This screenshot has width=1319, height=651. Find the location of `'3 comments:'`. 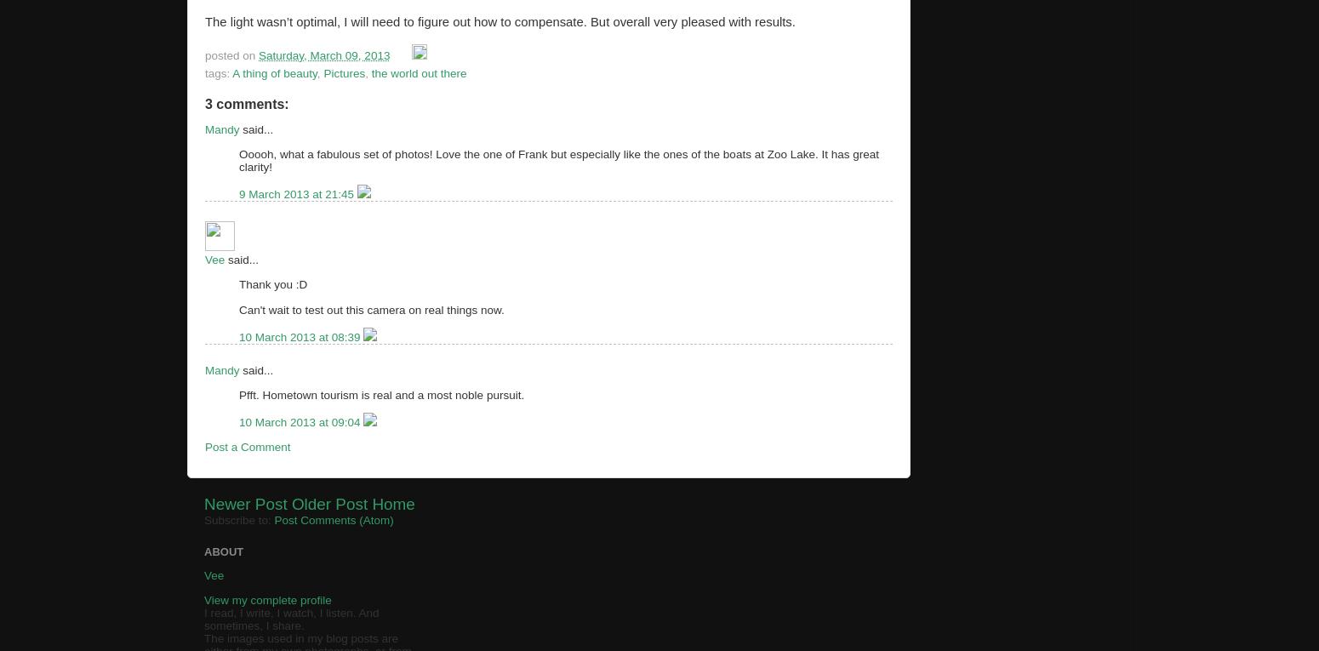

'3 comments:' is located at coordinates (247, 102).